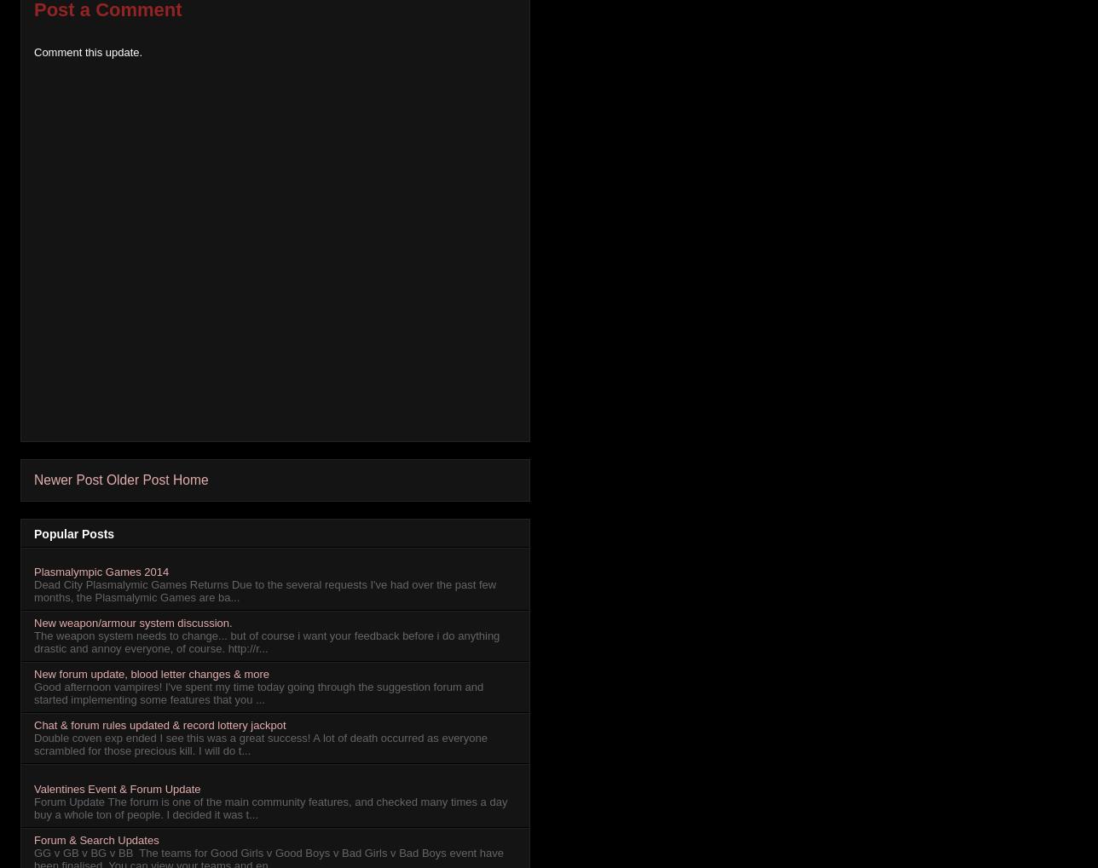  What do you see at coordinates (159, 724) in the screenshot?
I see `'Chat & forum rules updated & record lottery jackpot'` at bounding box center [159, 724].